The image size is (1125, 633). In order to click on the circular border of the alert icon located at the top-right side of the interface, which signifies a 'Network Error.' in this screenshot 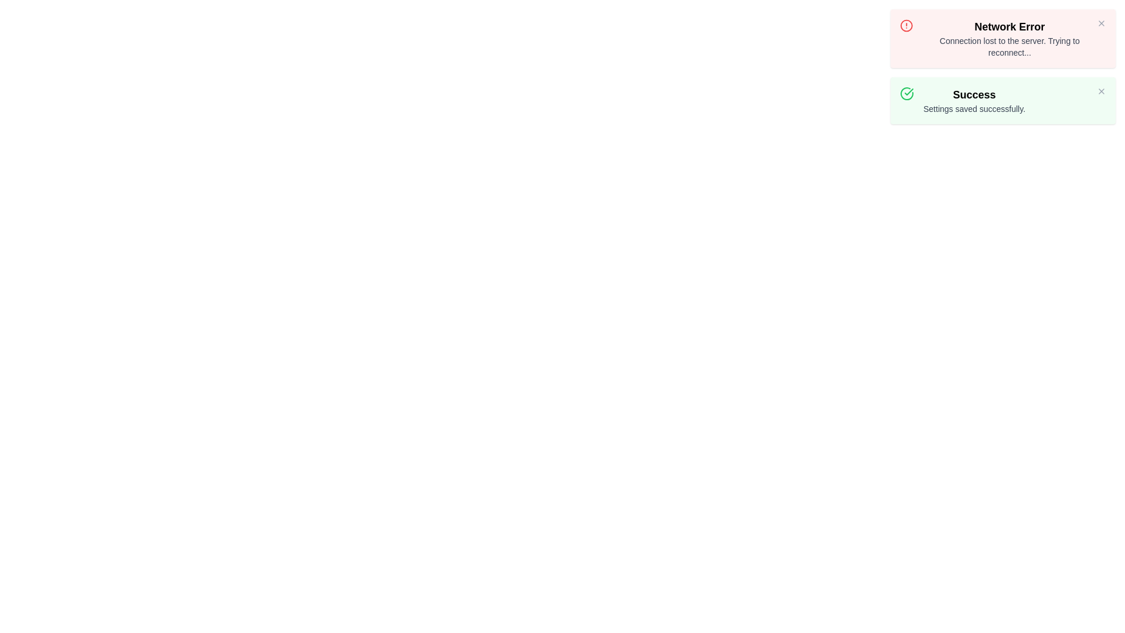, I will do `click(906, 25)`.